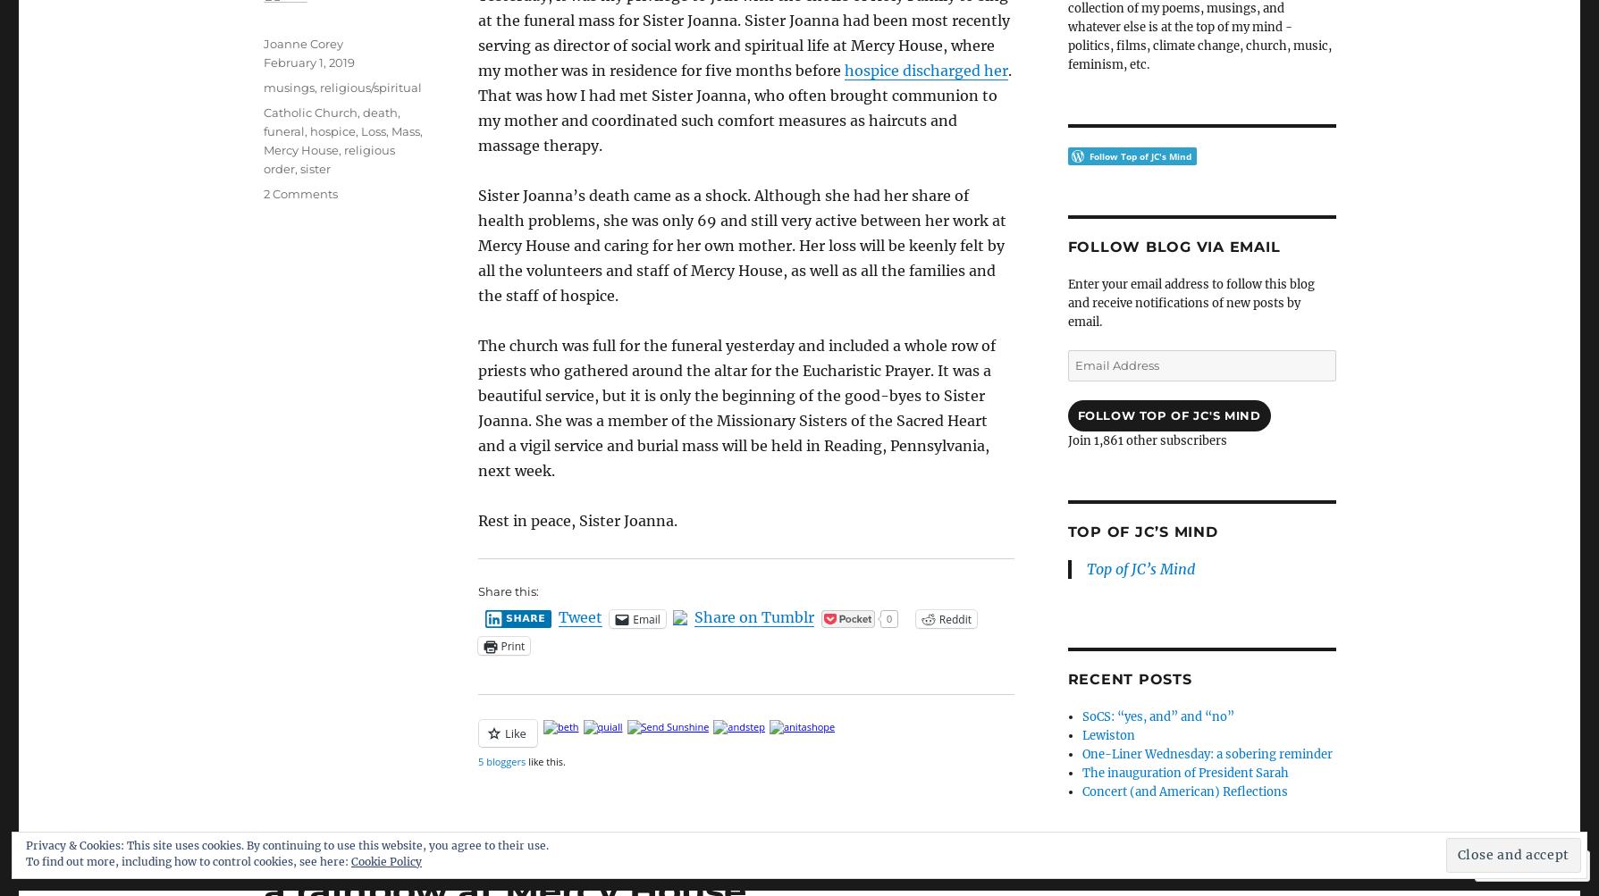  What do you see at coordinates (525, 618) in the screenshot?
I see `'Share'` at bounding box center [525, 618].